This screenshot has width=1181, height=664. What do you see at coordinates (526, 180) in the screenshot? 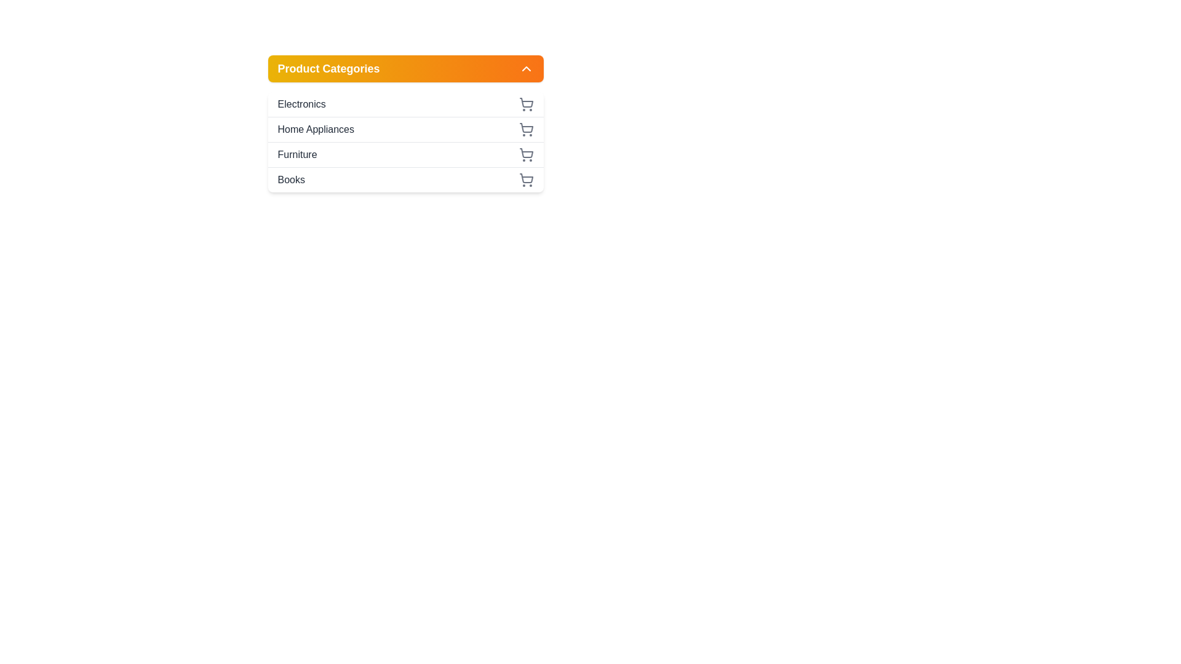
I see `the shopping cart icon located at the far right of the 'Books' category row in the 'Product Categories' list to trigger visual feedback or a tooltip` at bounding box center [526, 180].